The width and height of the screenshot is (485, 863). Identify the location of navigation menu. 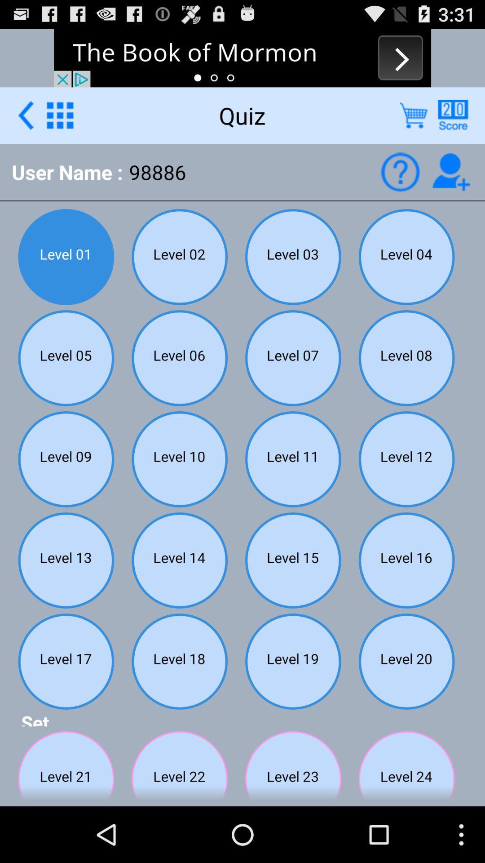
(60, 115).